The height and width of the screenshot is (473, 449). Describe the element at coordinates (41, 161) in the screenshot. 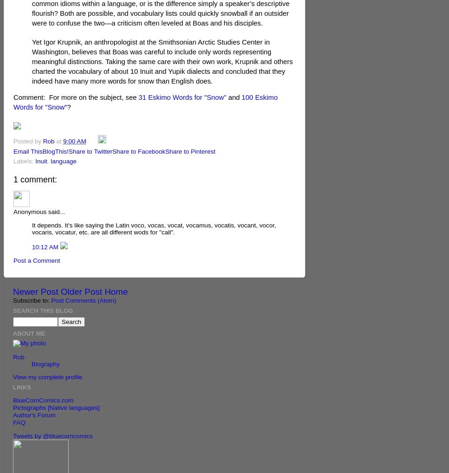

I see `'Inuit'` at that location.